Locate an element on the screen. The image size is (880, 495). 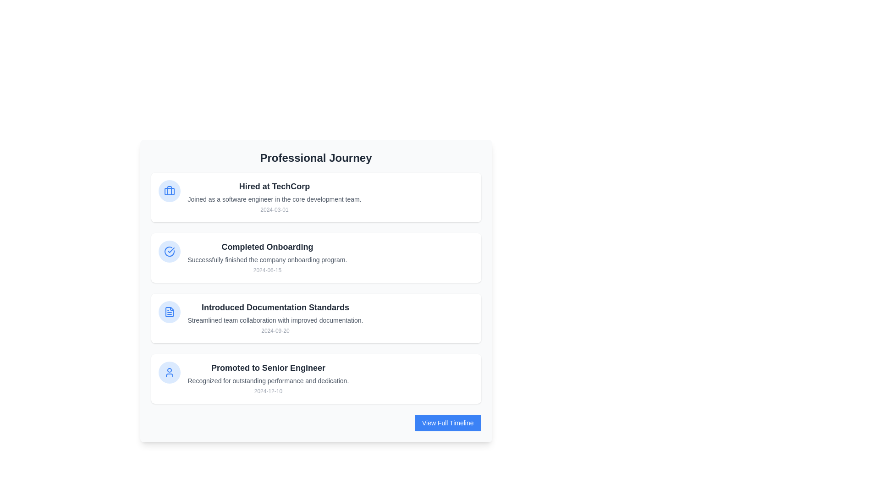
text from the Text block providing detailed information about the event 'Introduced Documentation Standards,' located below the primary header and above the date '2024-09-20.' is located at coordinates (275, 319).